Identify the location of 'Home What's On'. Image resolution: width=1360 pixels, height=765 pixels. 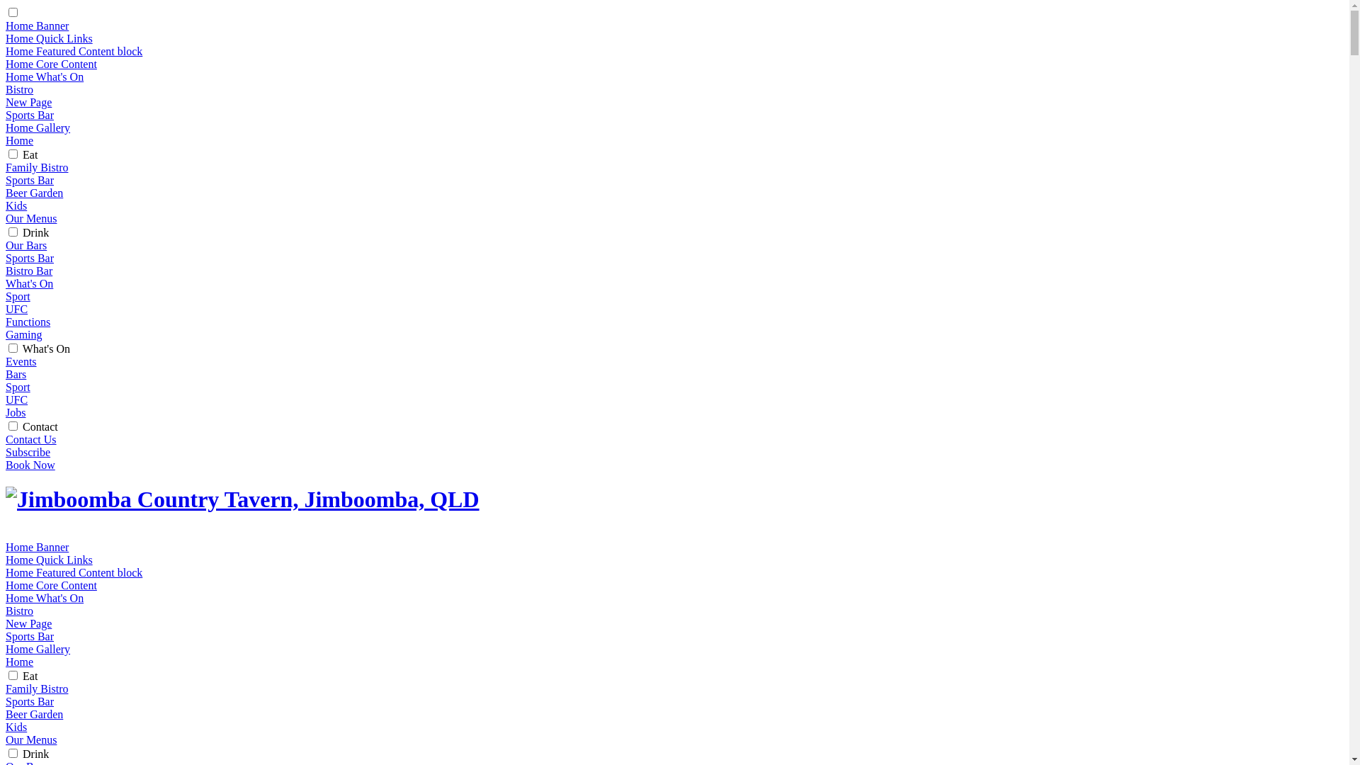
(44, 76).